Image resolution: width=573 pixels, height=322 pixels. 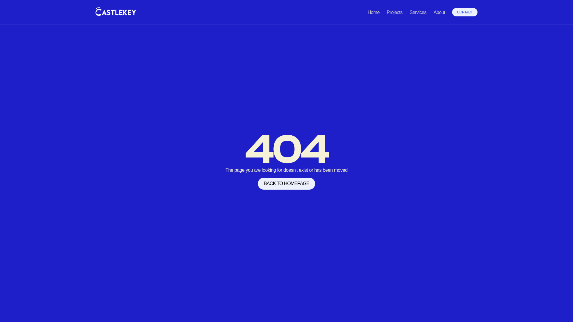 What do you see at coordinates (439, 12) in the screenshot?
I see `'About'` at bounding box center [439, 12].